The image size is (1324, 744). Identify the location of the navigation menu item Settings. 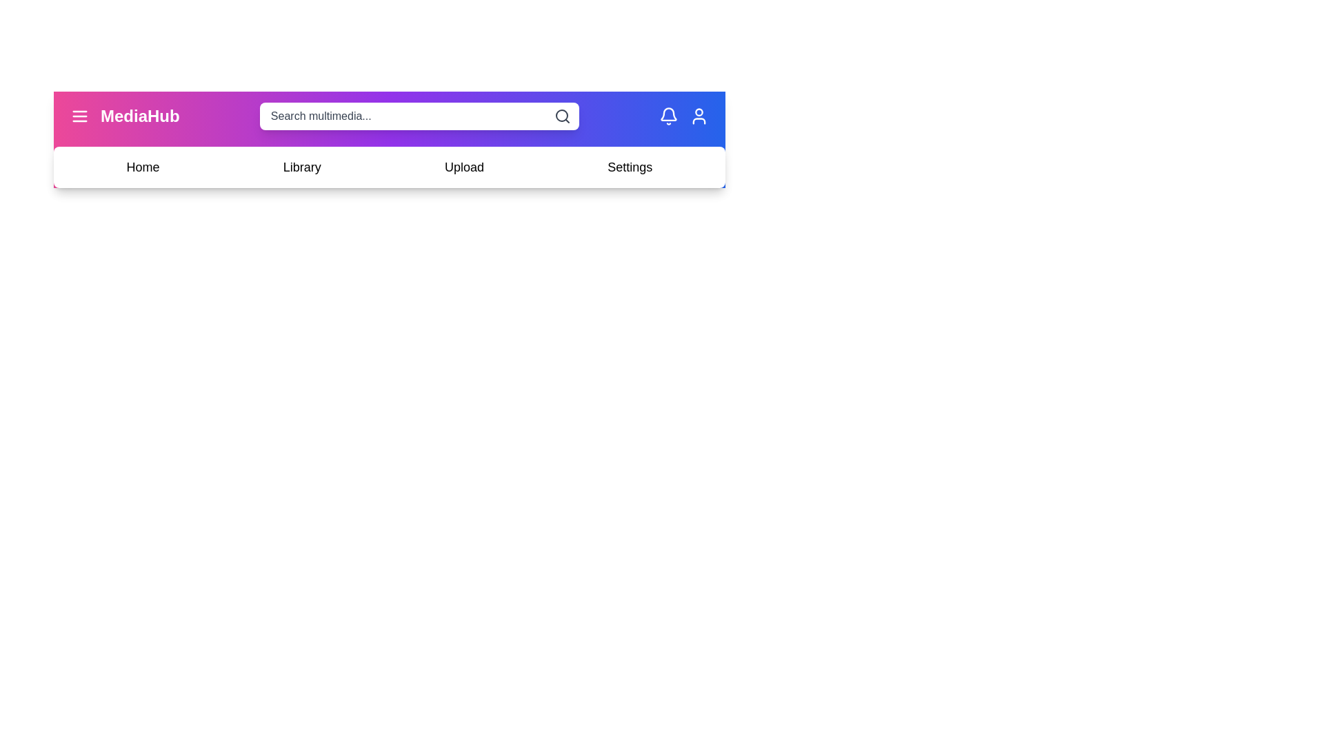
(629, 167).